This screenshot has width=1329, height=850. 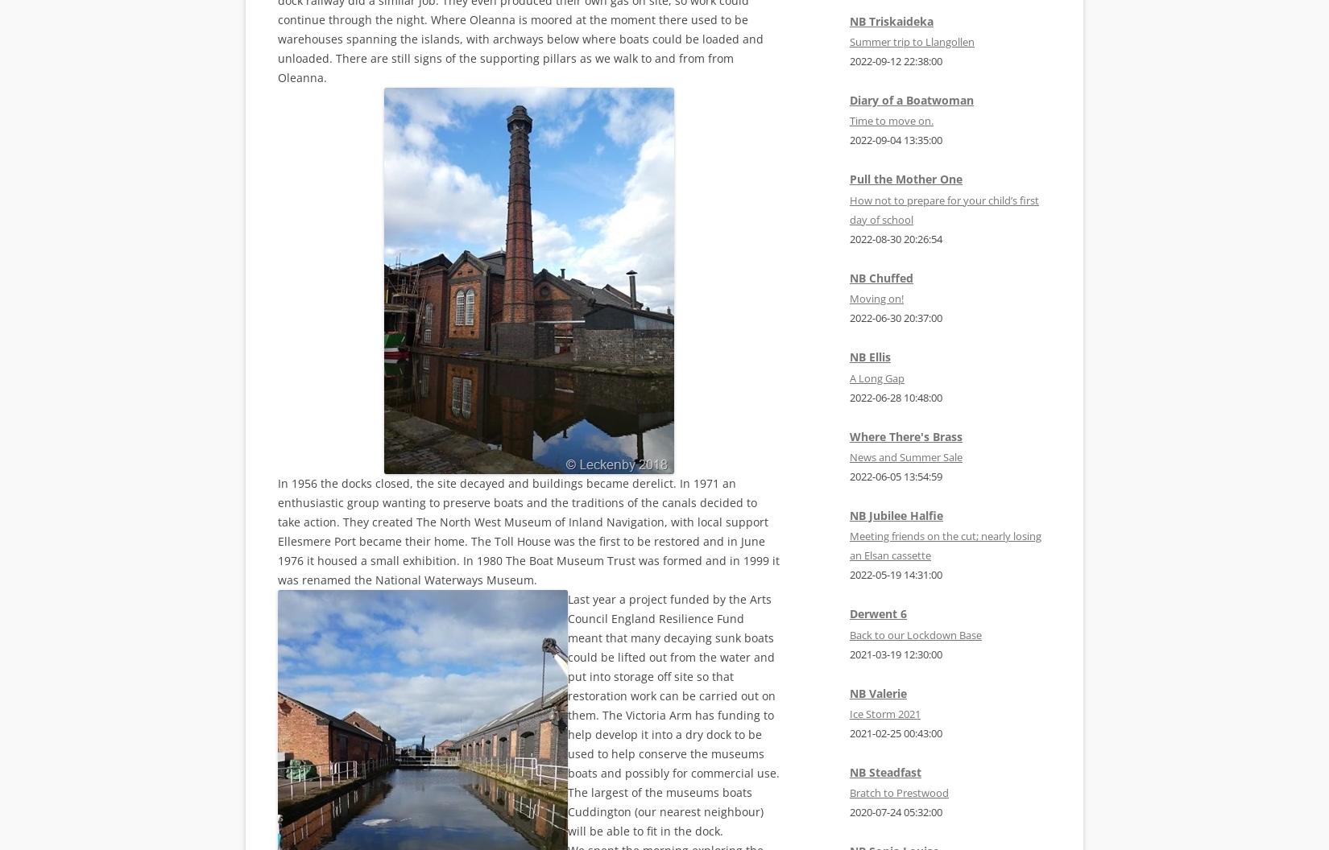 What do you see at coordinates (878, 691) in the screenshot?
I see `'NB Valerie'` at bounding box center [878, 691].